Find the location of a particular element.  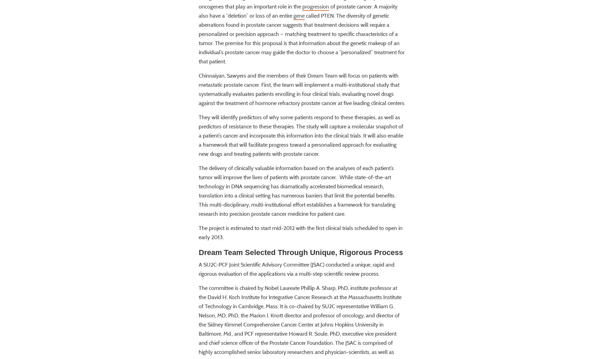

'A SU2C-PCF Joint Scientific Advisory Committee (JSAC) conducted a unique, rapid and rigorous evaluation of the applications via a multi-step scientific review process.' is located at coordinates (296, 289).